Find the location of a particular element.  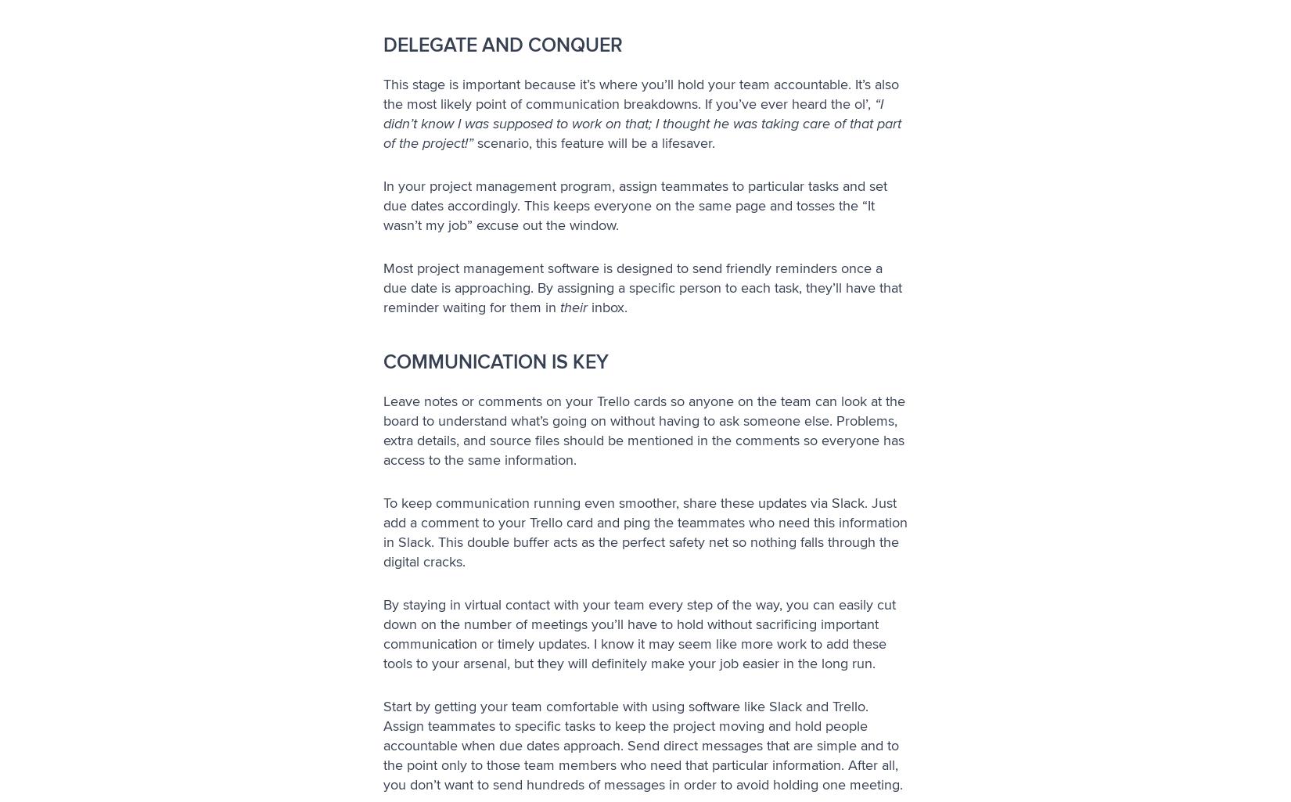

'By staying in virtual contact with your team every step of the way, you can easily cut down on the number of meetings you’ll have to hold without sacrificing important communication or timely updates. I know it may seem like more work to add these tools to your arsenal, but they will definitely make your job easier in the long run.' is located at coordinates (638, 632).